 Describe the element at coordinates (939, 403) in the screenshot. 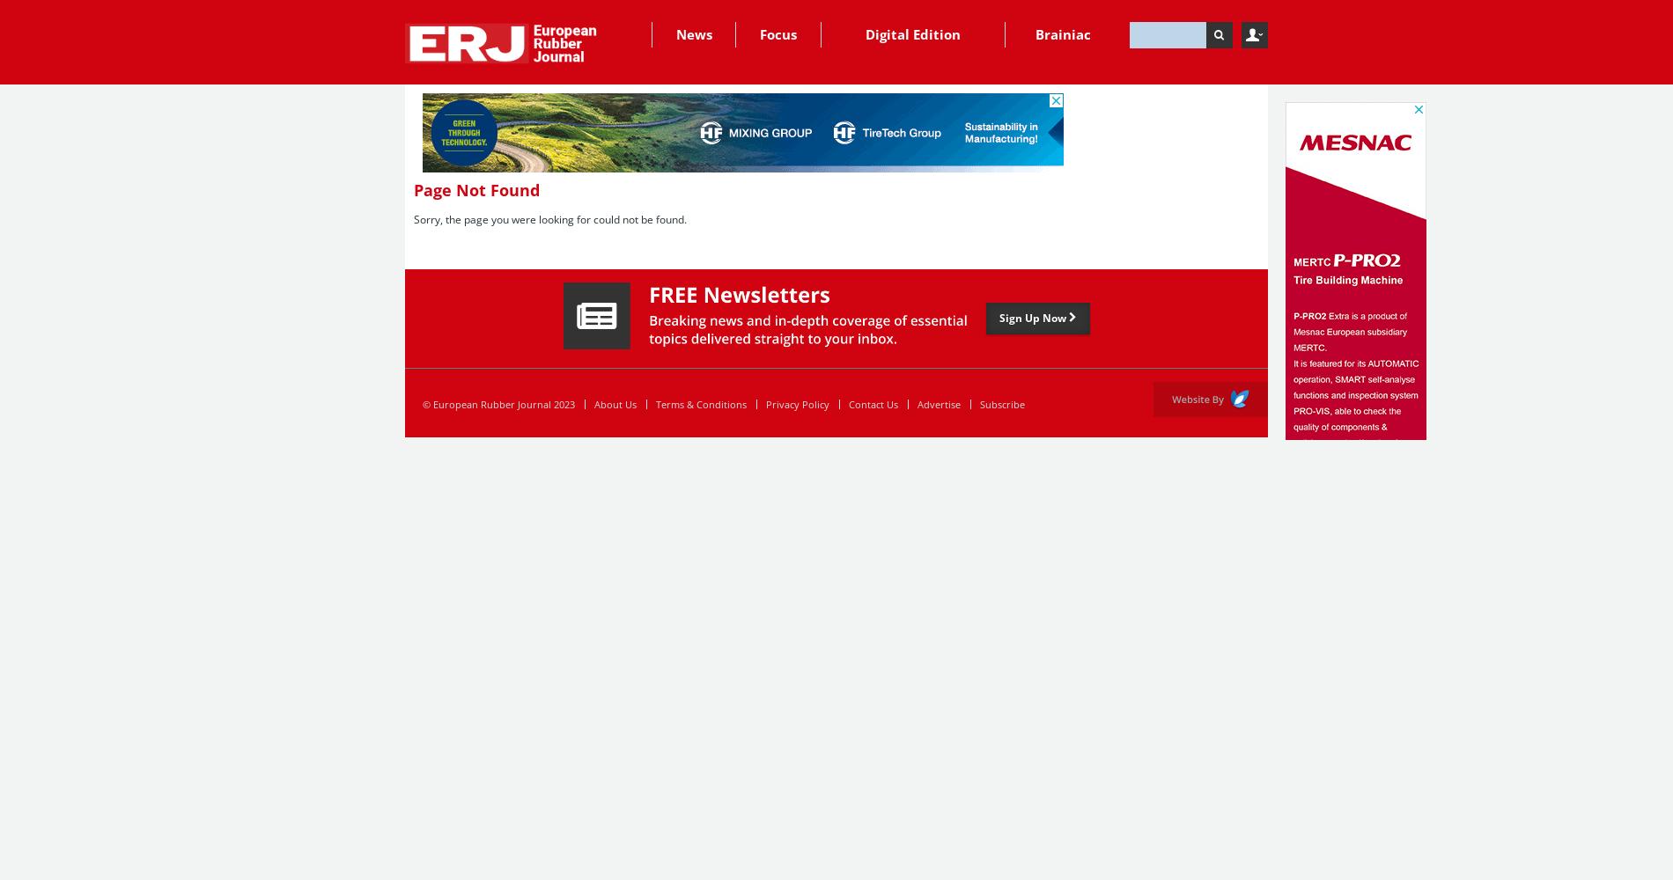

I see `'Advertise'` at that location.